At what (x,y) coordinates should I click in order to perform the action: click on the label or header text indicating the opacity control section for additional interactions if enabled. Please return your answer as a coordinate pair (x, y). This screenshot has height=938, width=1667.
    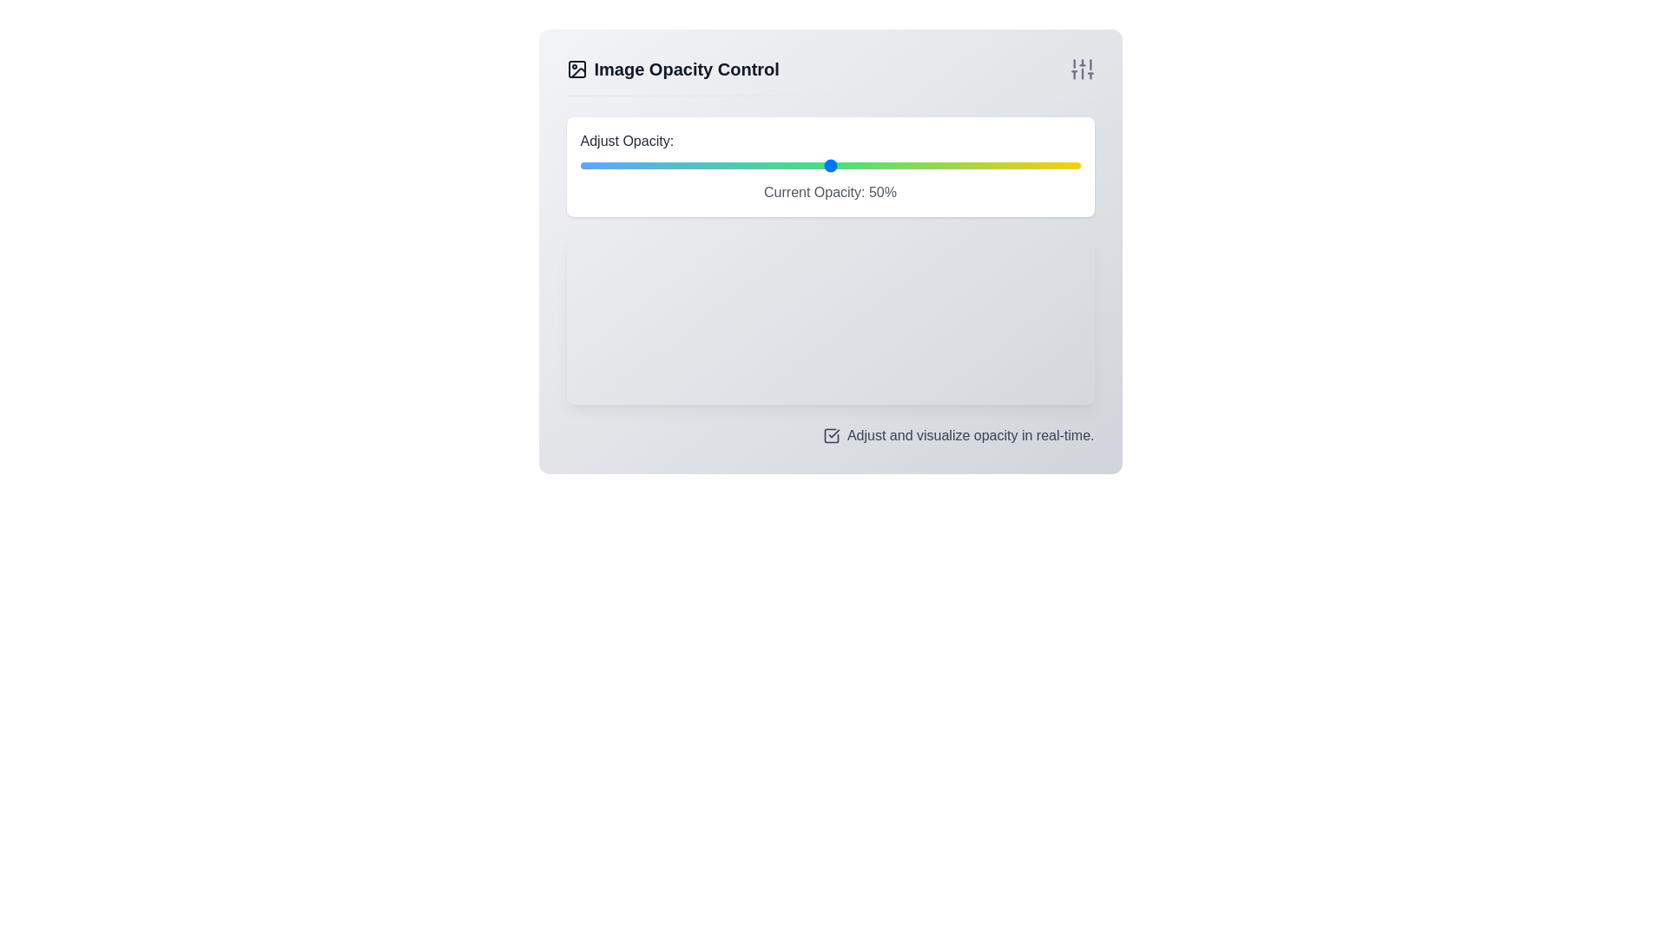
    Looking at the image, I should click on (672, 69).